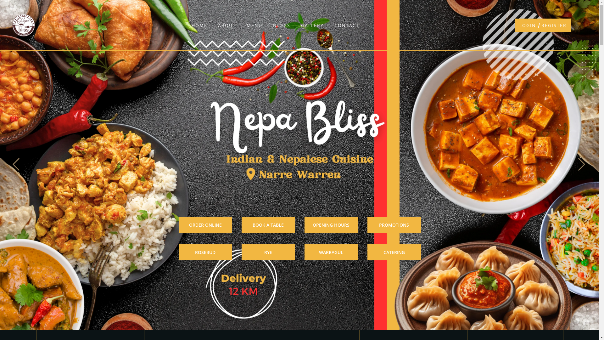  Describe the element at coordinates (205, 224) in the screenshot. I see `'ORDER ONLINE'` at that location.